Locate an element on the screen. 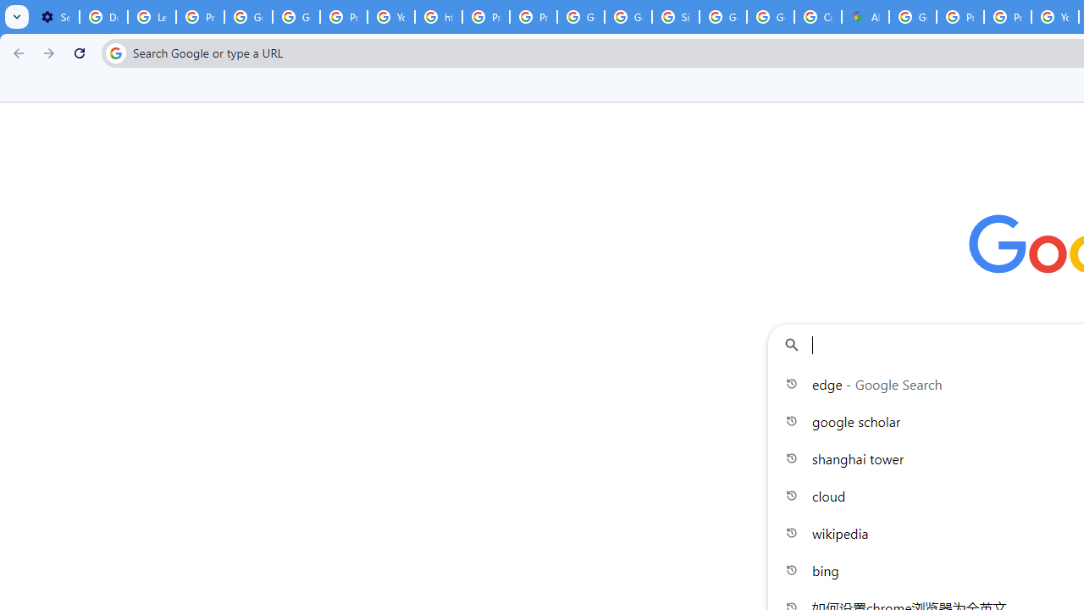 The width and height of the screenshot is (1084, 610). 'Settings - Performance' is located at coordinates (55, 17).